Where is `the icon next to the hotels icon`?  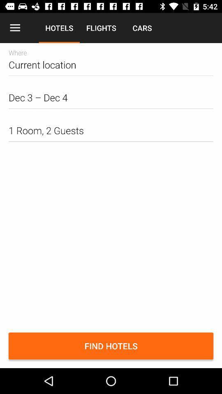
the icon next to the hotels icon is located at coordinates (15, 28).